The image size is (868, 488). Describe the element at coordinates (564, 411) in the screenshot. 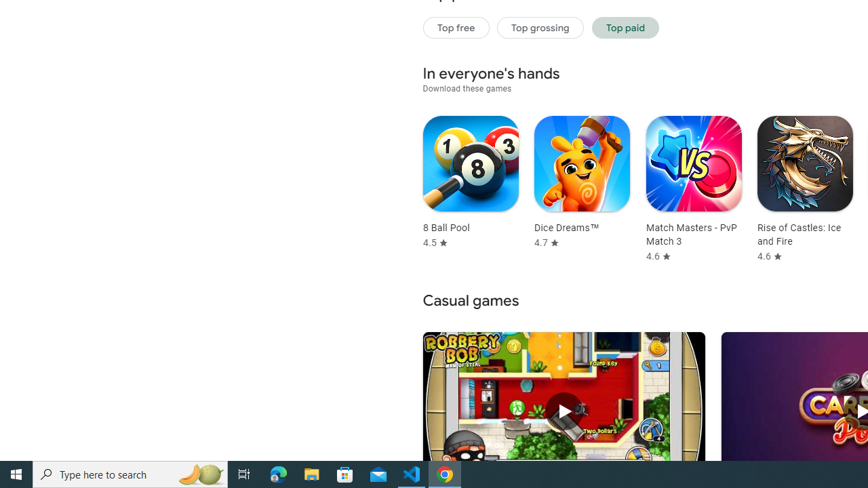

I see `'Play Robbery Bob - King of Sneak'` at that location.